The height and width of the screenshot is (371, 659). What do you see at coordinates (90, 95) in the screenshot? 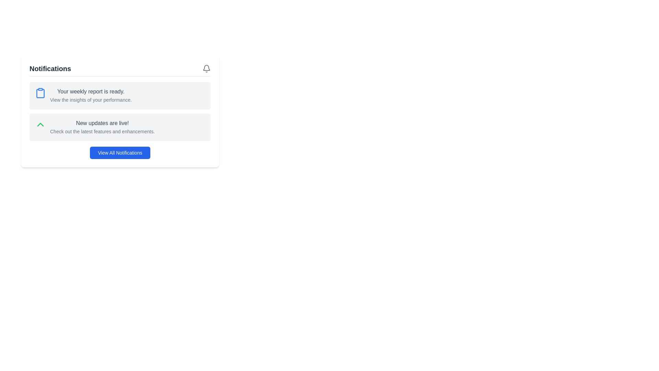
I see `the text block that communicates the availability of a weekly performance report` at bounding box center [90, 95].